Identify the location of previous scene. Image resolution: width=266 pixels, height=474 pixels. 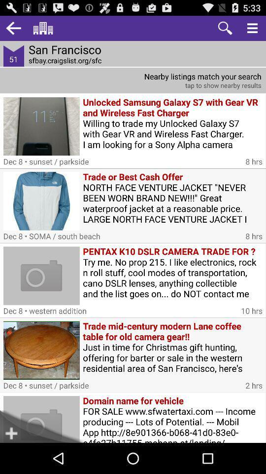
(13, 28).